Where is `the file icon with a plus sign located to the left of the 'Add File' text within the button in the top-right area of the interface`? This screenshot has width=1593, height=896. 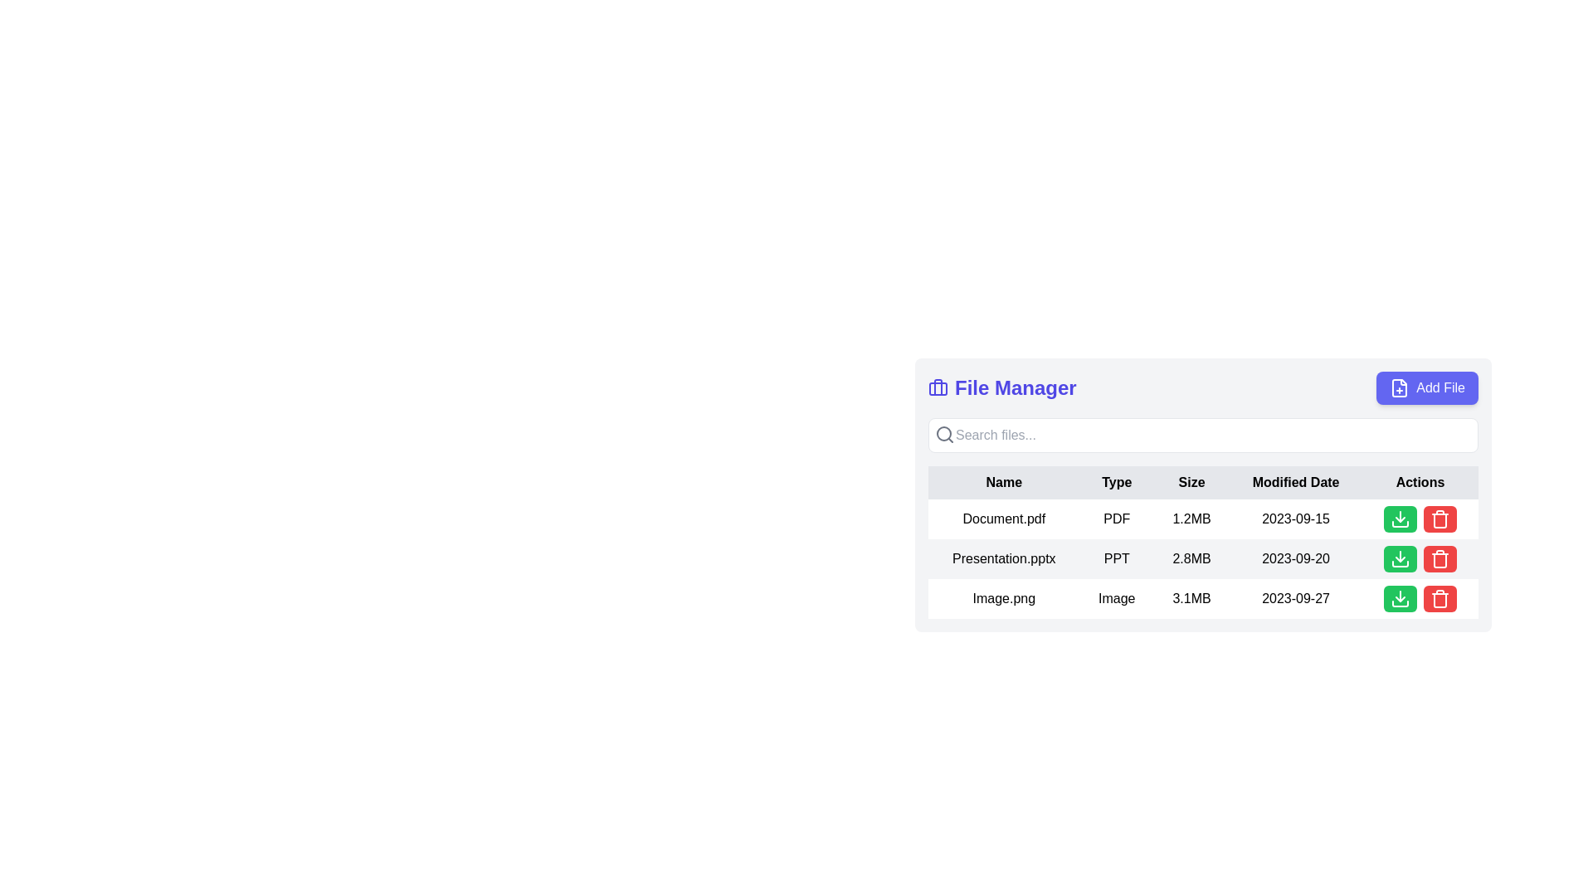
the file icon with a plus sign located to the left of the 'Add File' text within the button in the top-right area of the interface is located at coordinates (1398, 387).